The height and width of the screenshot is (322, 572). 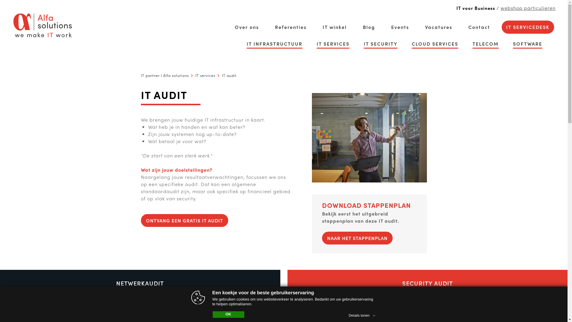 I want to click on 'IT services', so click(x=205, y=75).